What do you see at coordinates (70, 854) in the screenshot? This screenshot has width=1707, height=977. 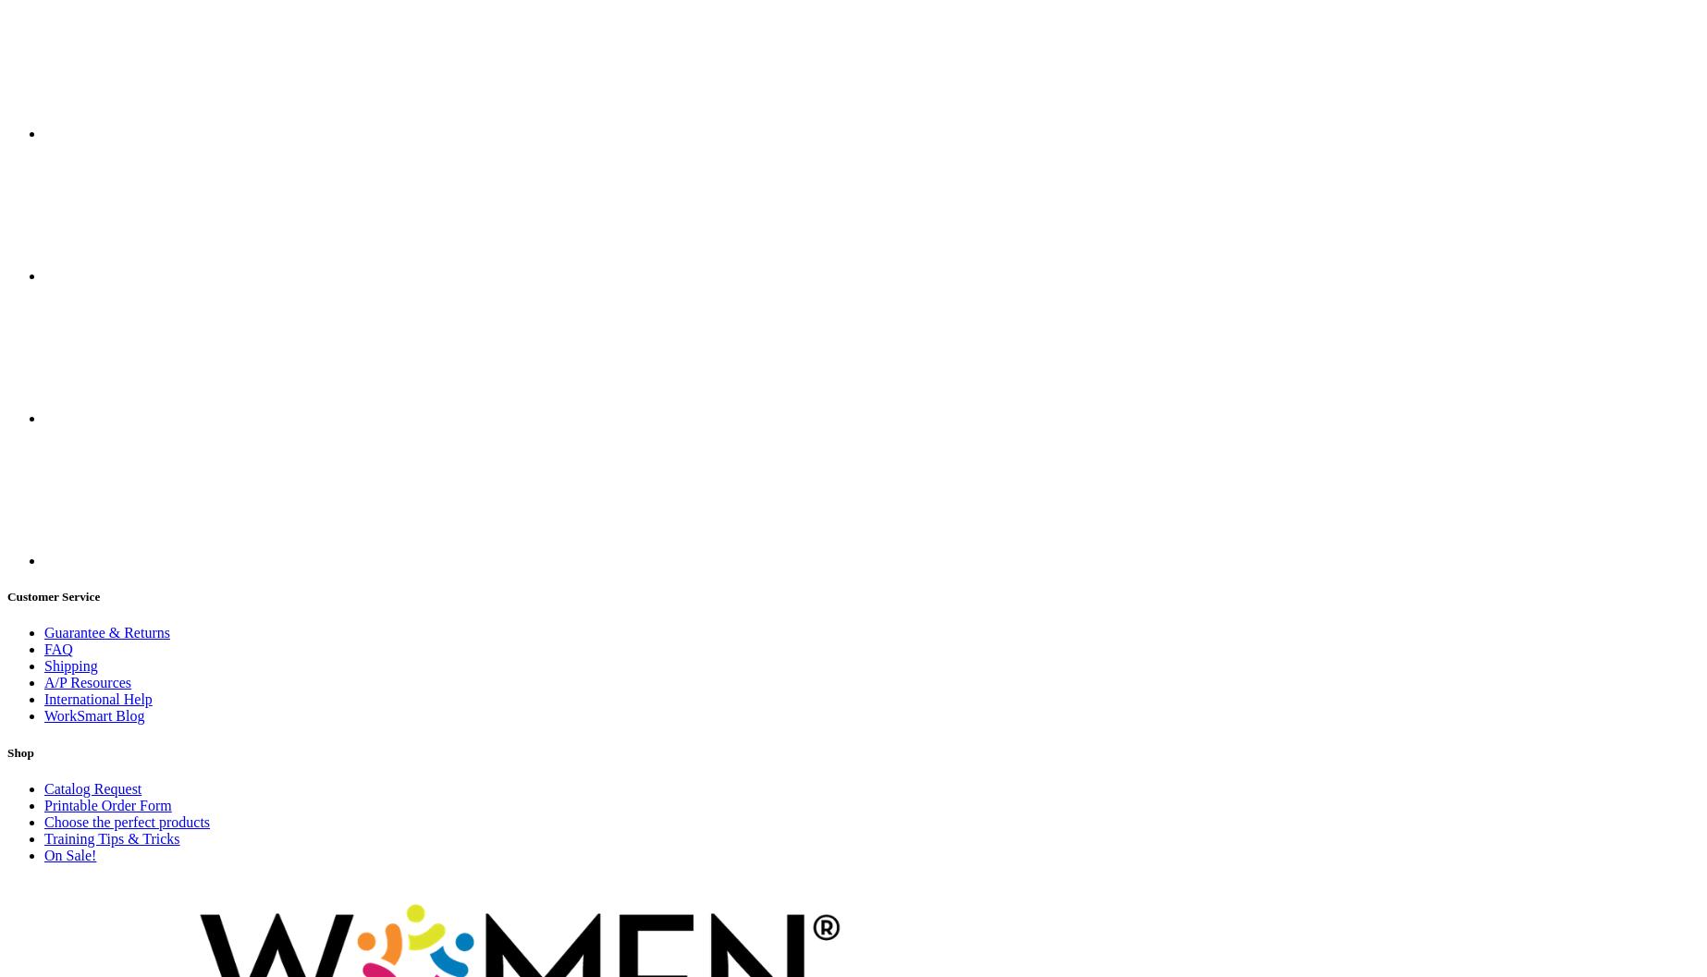 I see `'On Sale!'` at bounding box center [70, 854].